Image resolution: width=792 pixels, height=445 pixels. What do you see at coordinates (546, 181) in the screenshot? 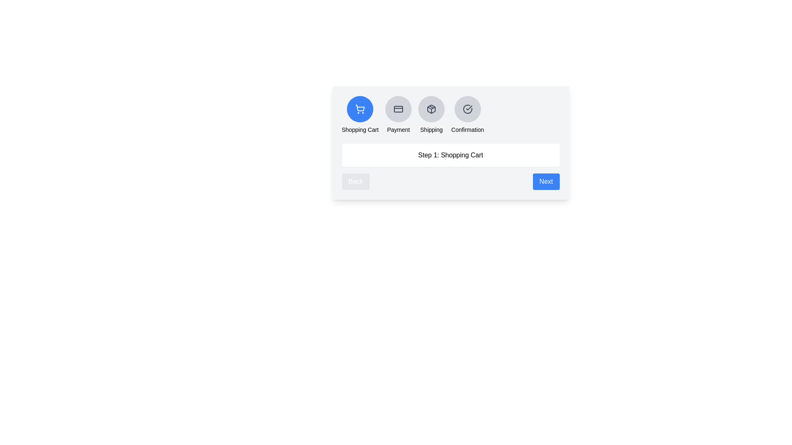
I see `the 'Next' button` at bounding box center [546, 181].